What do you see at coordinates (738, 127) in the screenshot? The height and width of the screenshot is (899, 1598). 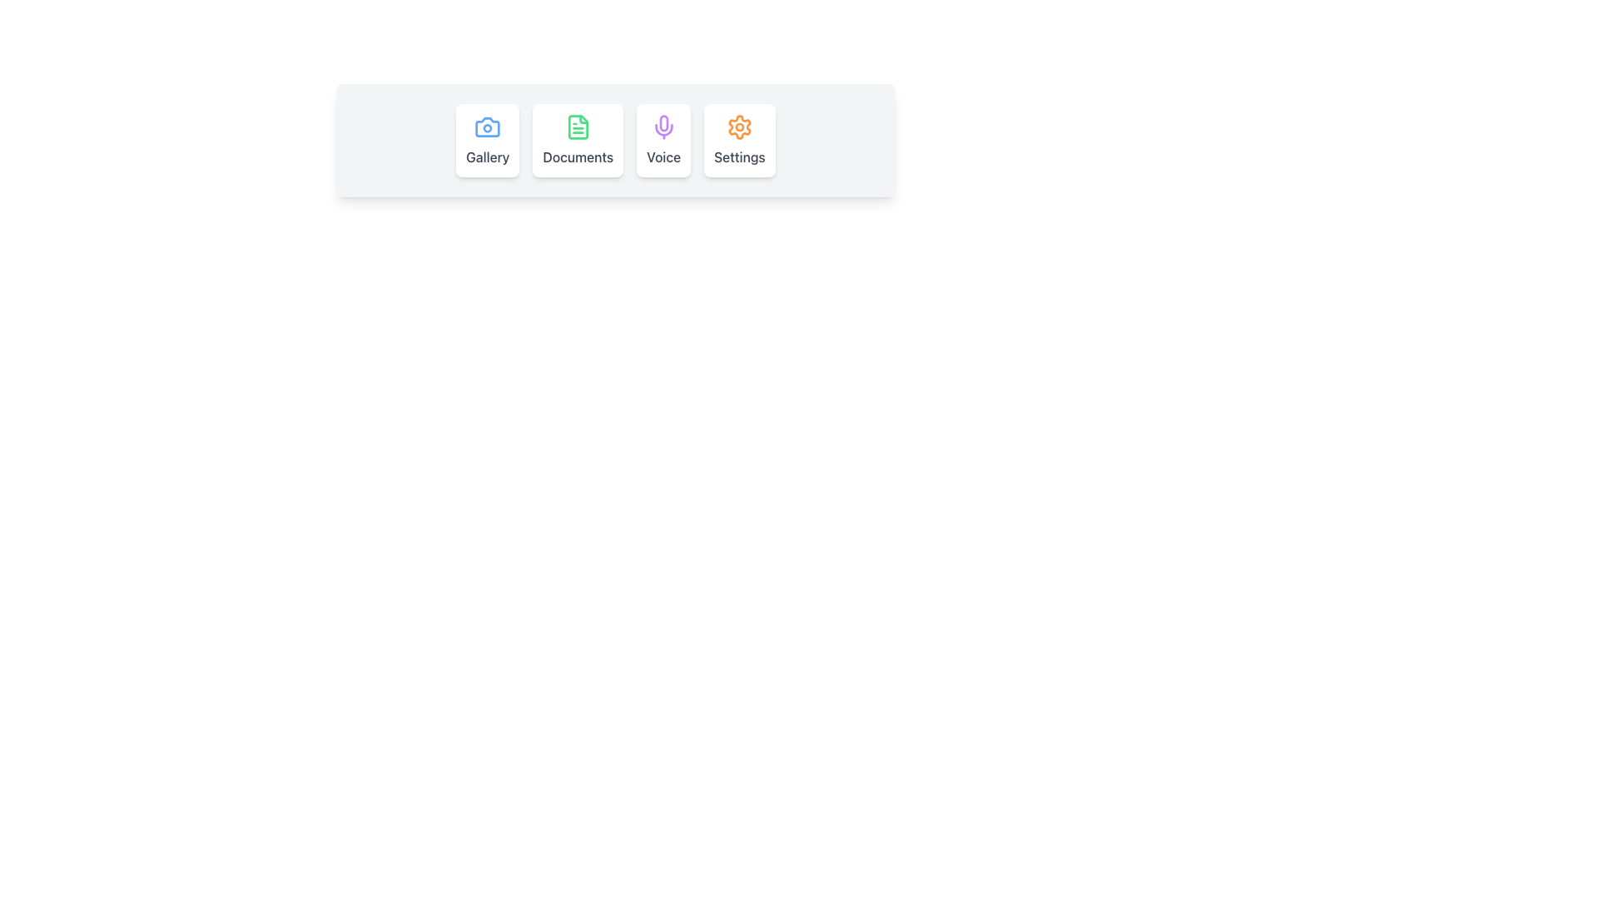 I see `the rightmost icon button in the toolbar` at bounding box center [738, 127].